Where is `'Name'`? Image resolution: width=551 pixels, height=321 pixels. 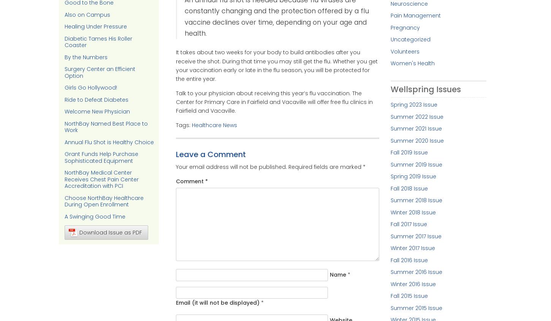 'Name' is located at coordinates (337, 274).